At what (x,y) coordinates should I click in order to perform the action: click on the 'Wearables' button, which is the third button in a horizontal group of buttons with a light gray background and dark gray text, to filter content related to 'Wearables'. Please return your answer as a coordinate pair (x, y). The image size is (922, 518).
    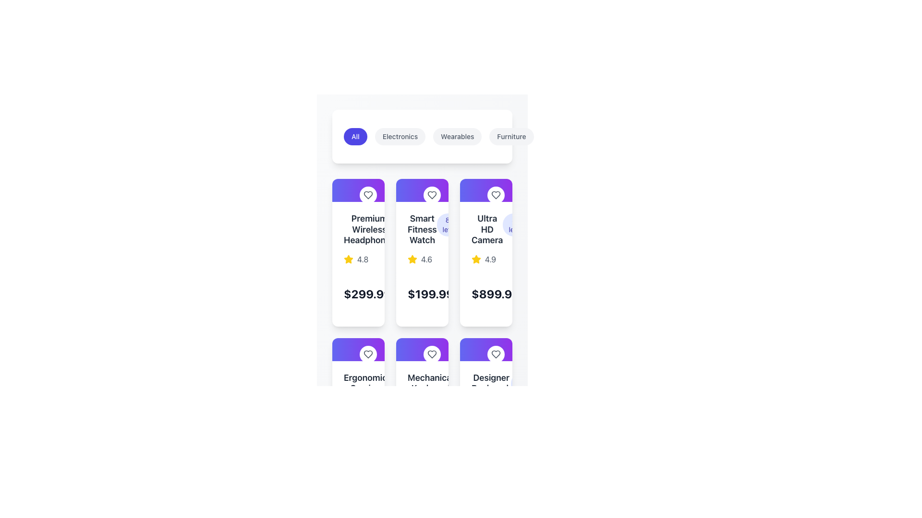
    Looking at the image, I should click on (457, 137).